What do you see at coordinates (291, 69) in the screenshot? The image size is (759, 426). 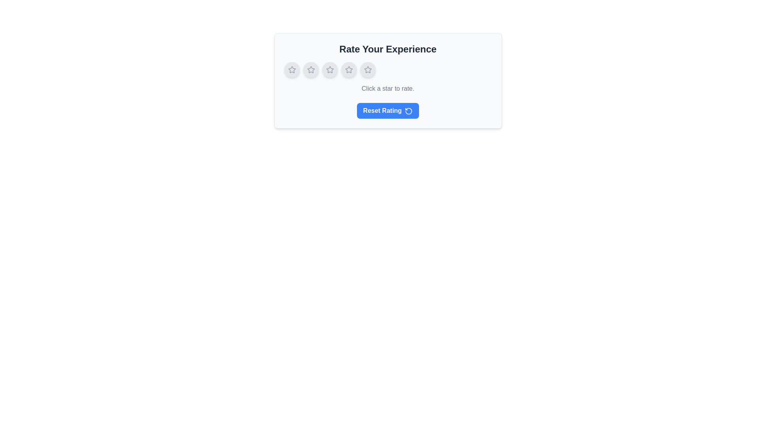 I see `the first star-shaped graphical icon in the rating component` at bounding box center [291, 69].